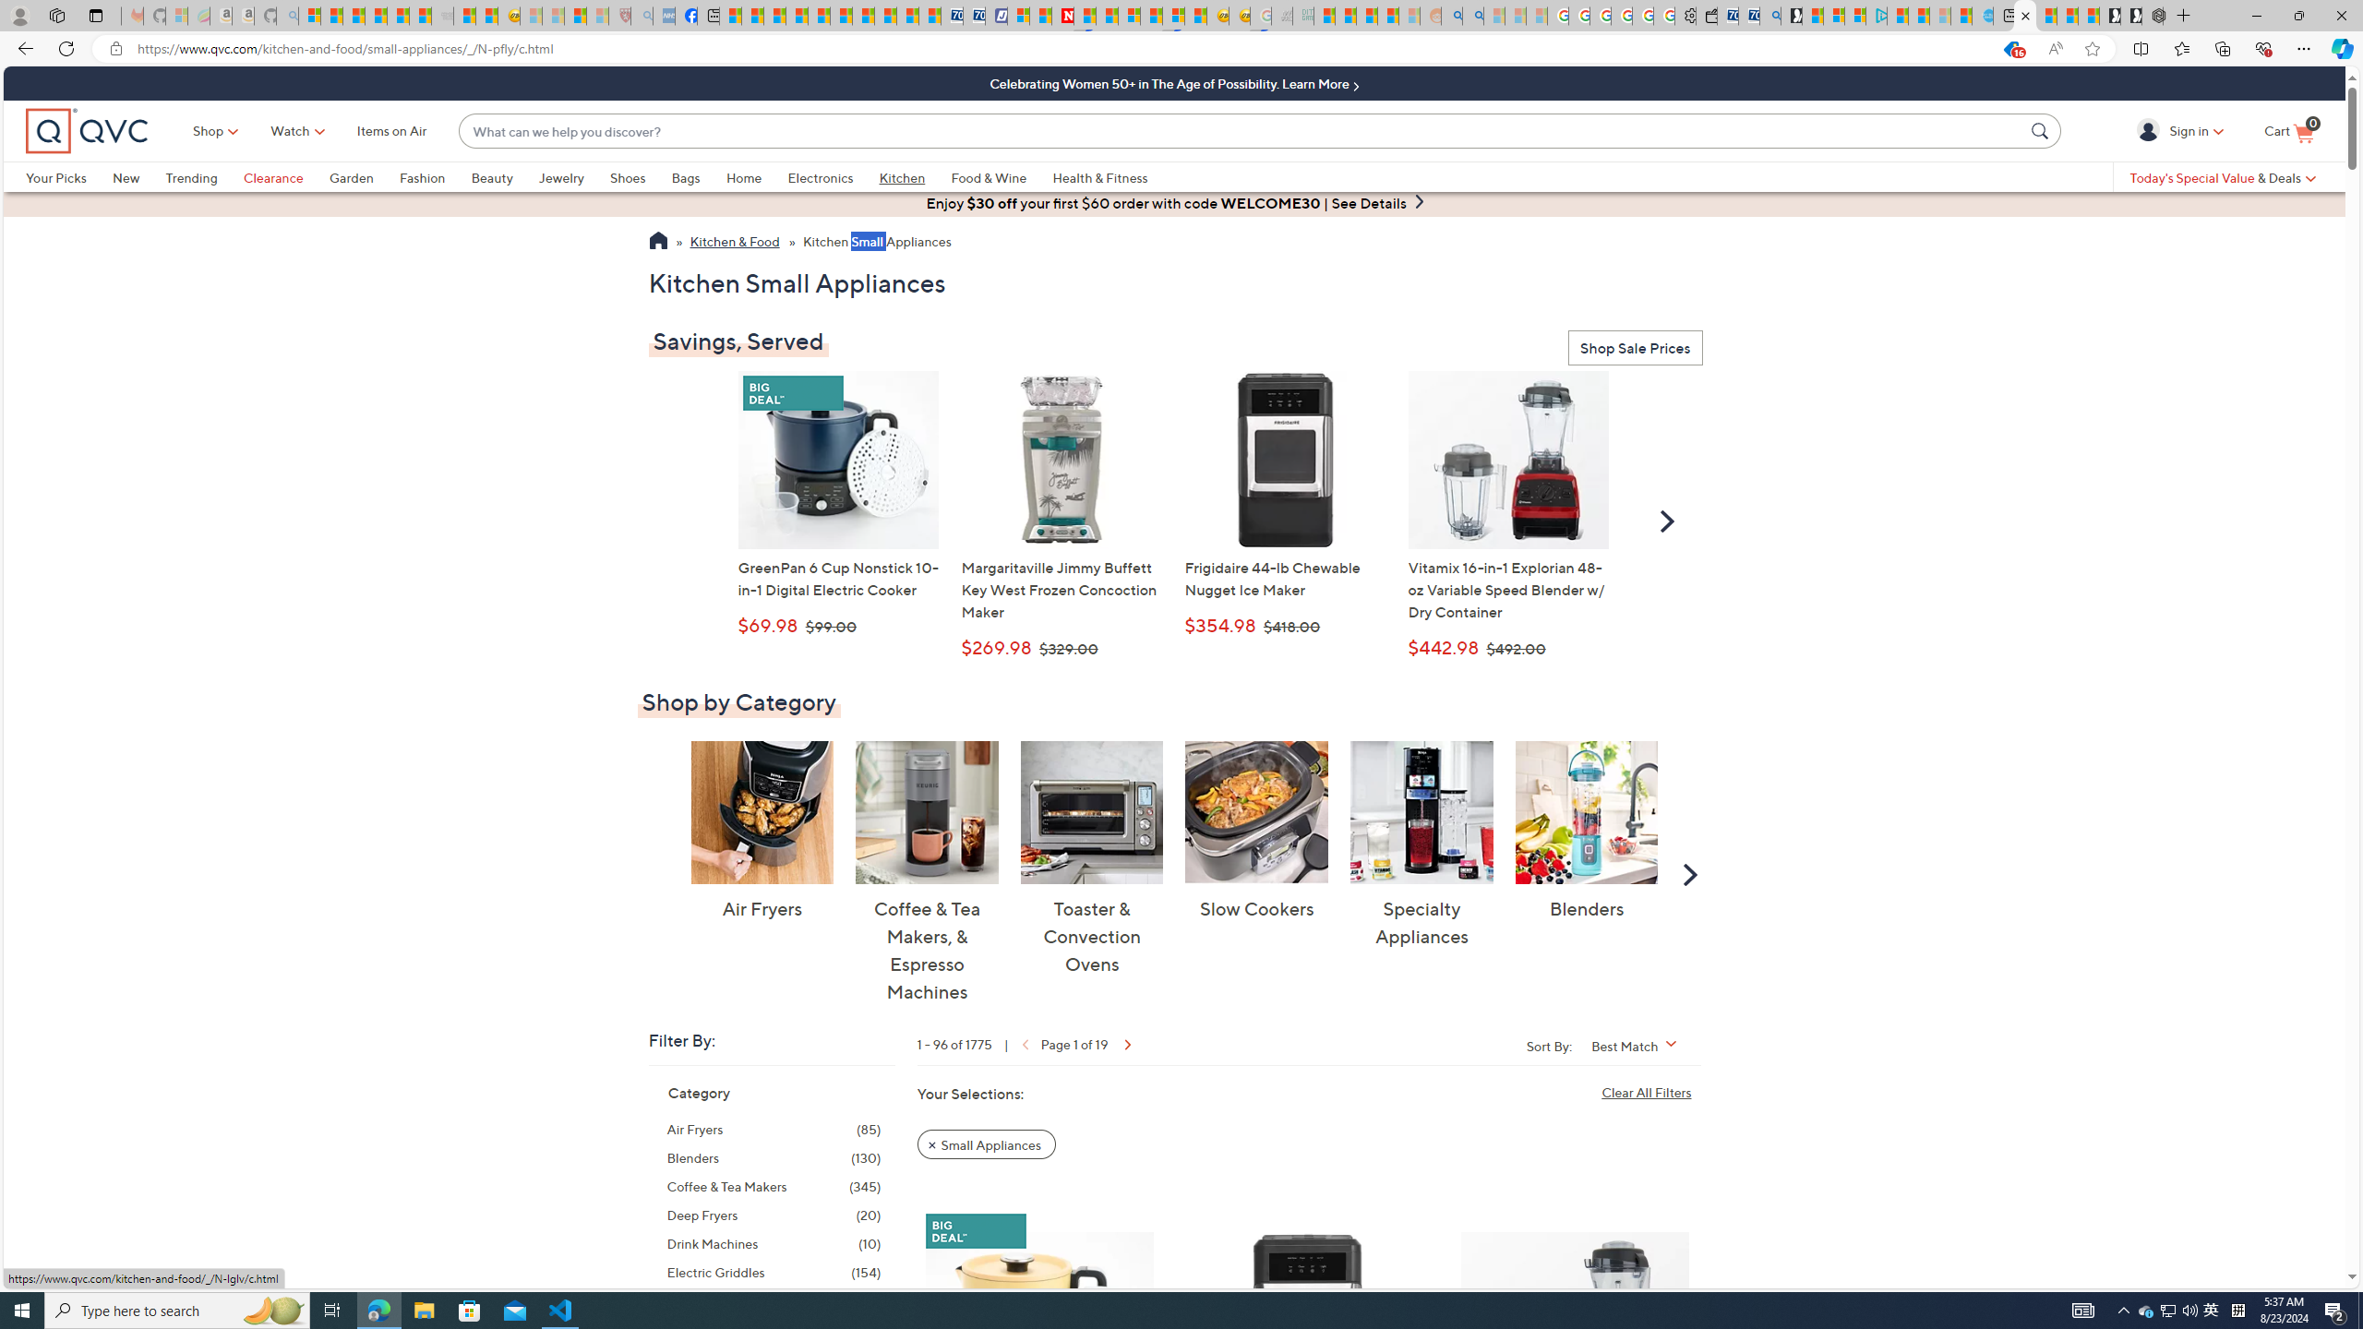 Image resolution: width=2363 pixels, height=1329 pixels. What do you see at coordinates (422, 176) in the screenshot?
I see `'Fashion'` at bounding box center [422, 176].